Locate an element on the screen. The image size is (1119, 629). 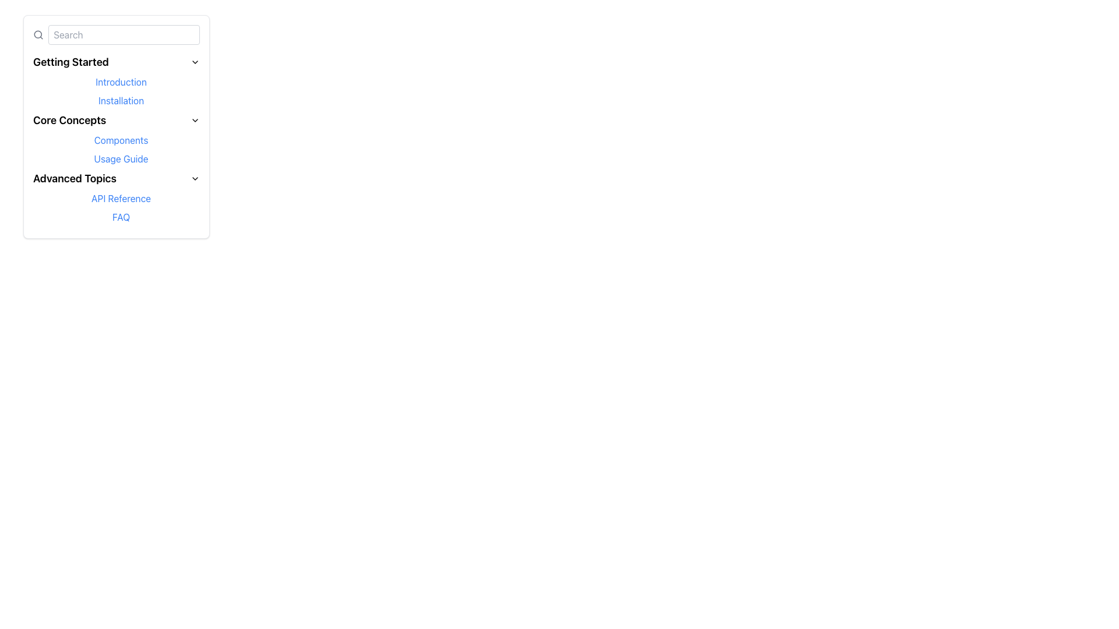
the navigational text link that directs users to the 'API Reference' section, located under the 'Advanced Topics' section as the first interactive item is located at coordinates (121, 197).